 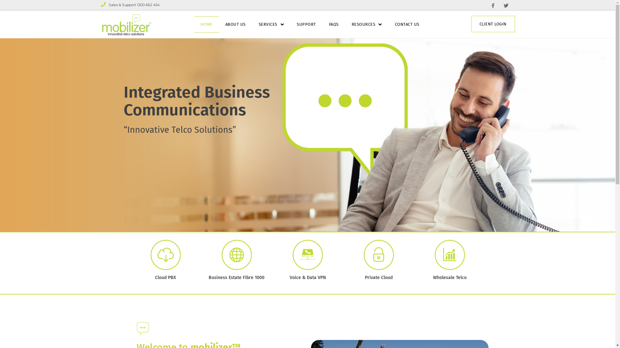 I want to click on 'ABOUT US', so click(x=235, y=24).